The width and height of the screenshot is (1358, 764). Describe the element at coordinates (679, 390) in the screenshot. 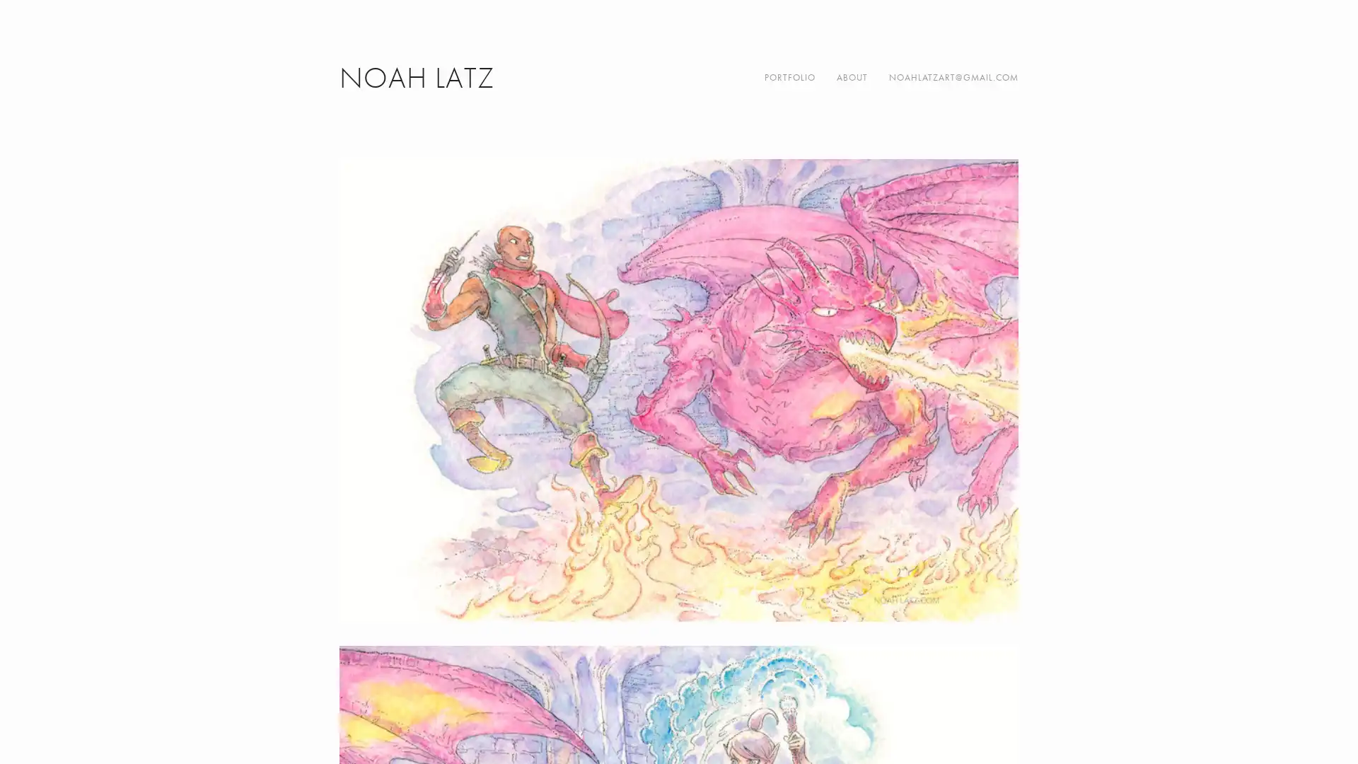

I see `View fullsize` at that location.